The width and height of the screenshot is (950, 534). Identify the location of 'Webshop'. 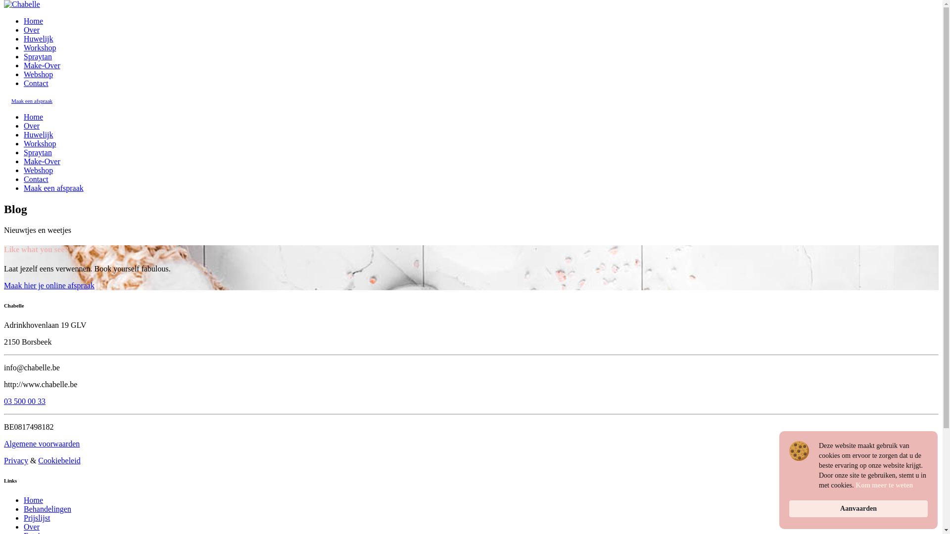
(38, 74).